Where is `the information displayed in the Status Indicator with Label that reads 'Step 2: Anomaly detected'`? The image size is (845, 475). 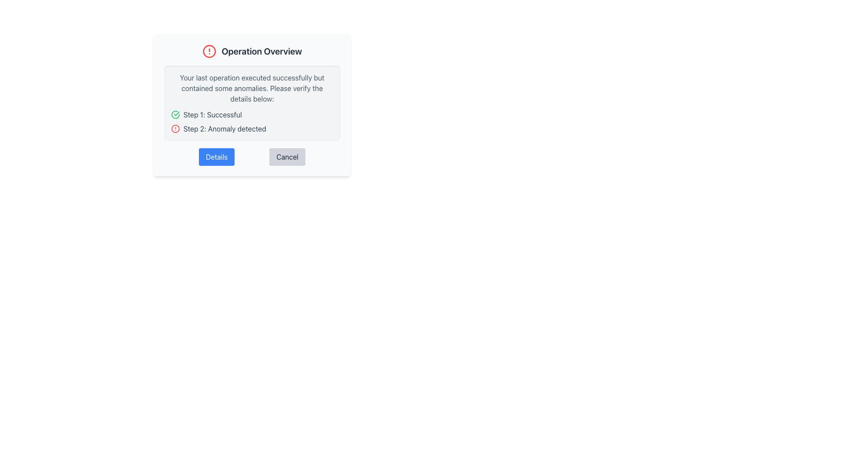 the information displayed in the Status Indicator with Label that reads 'Step 2: Anomaly detected' is located at coordinates (251, 129).